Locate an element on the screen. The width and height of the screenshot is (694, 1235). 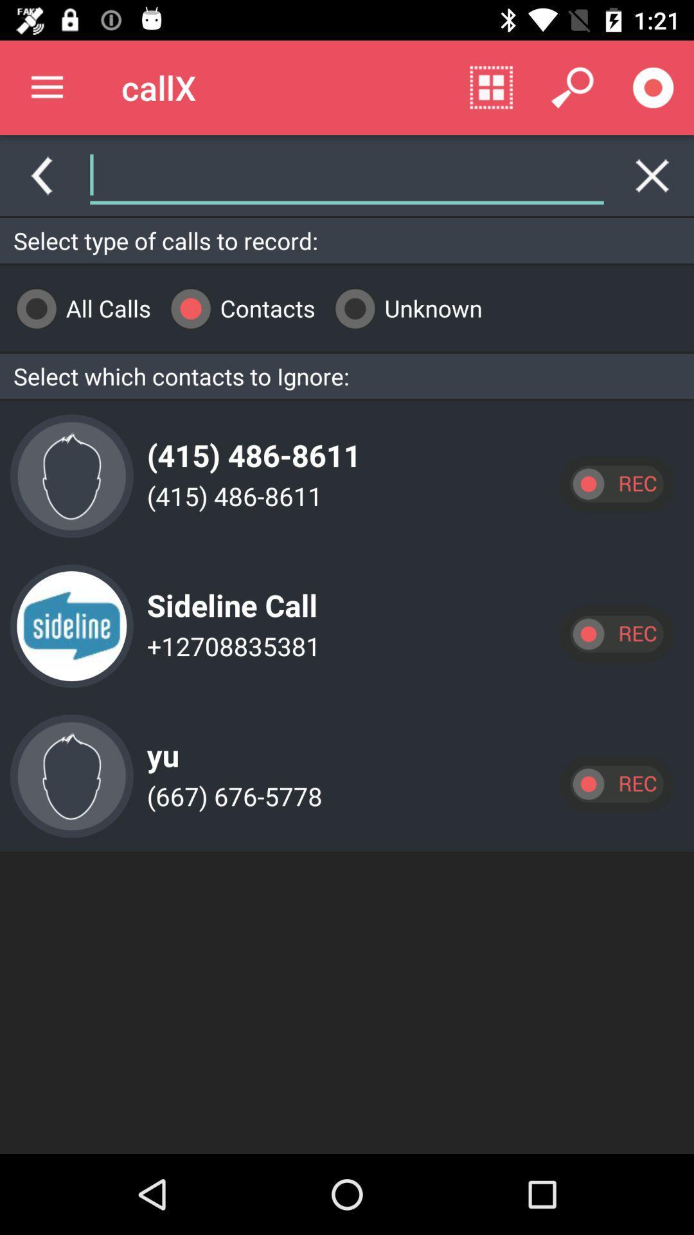
open record is located at coordinates (616, 783).